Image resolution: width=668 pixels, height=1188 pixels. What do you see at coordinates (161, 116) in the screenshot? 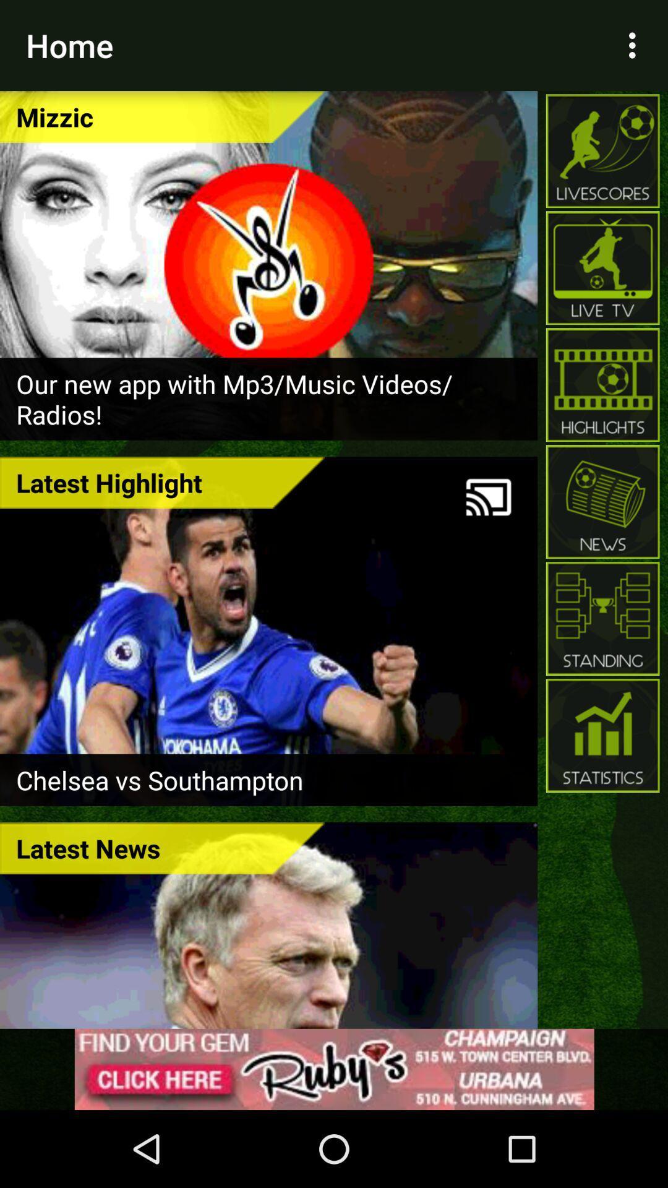
I see `the mizzic icon` at bounding box center [161, 116].